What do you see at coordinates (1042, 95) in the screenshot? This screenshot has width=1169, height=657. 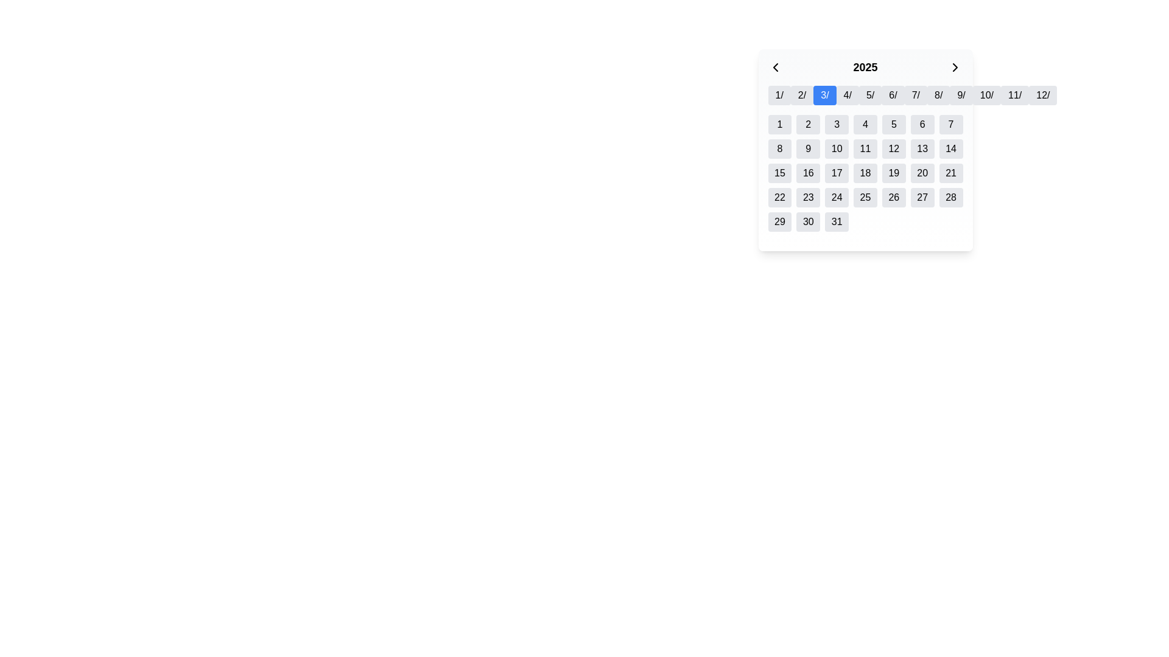 I see `the button labeled '12/' which is a small rectangular UI component with a light gray background and rounded corners, located at the far right of a horizontally aligned list above the calendar interface` at bounding box center [1042, 95].